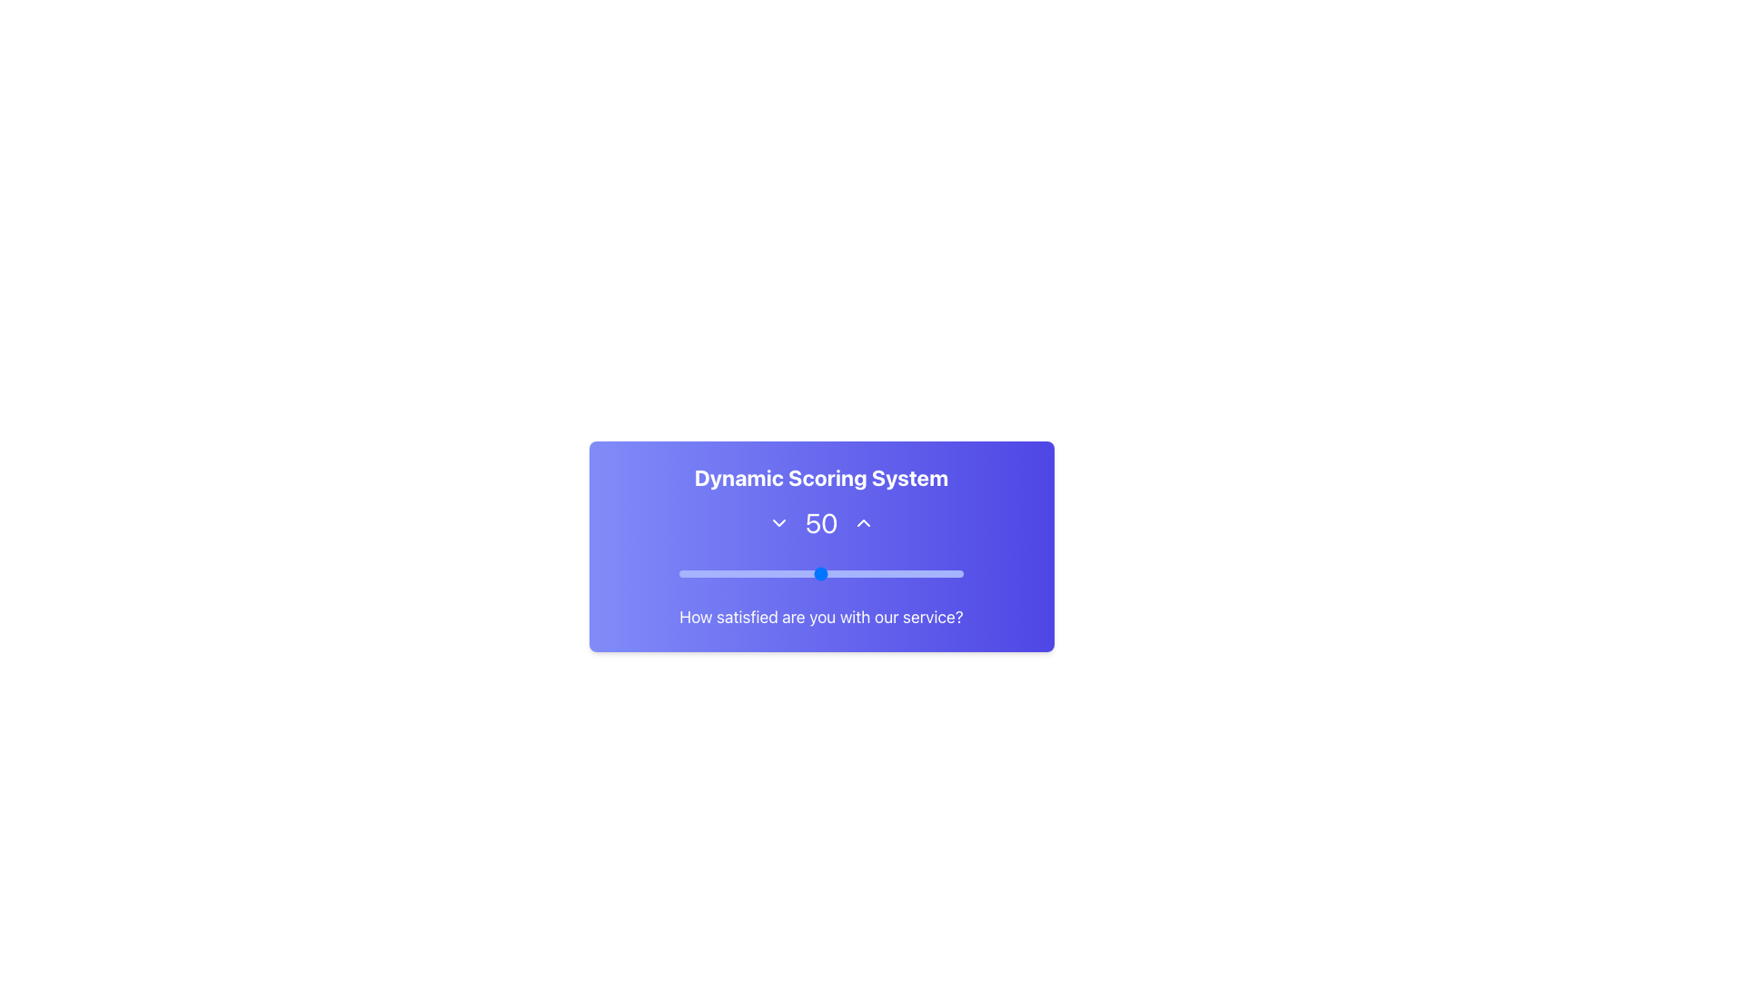 Image resolution: width=1744 pixels, height=981 pixels. Describe the element at coordinates (809, 570) in the screenshot. I see `the slider` at that location.